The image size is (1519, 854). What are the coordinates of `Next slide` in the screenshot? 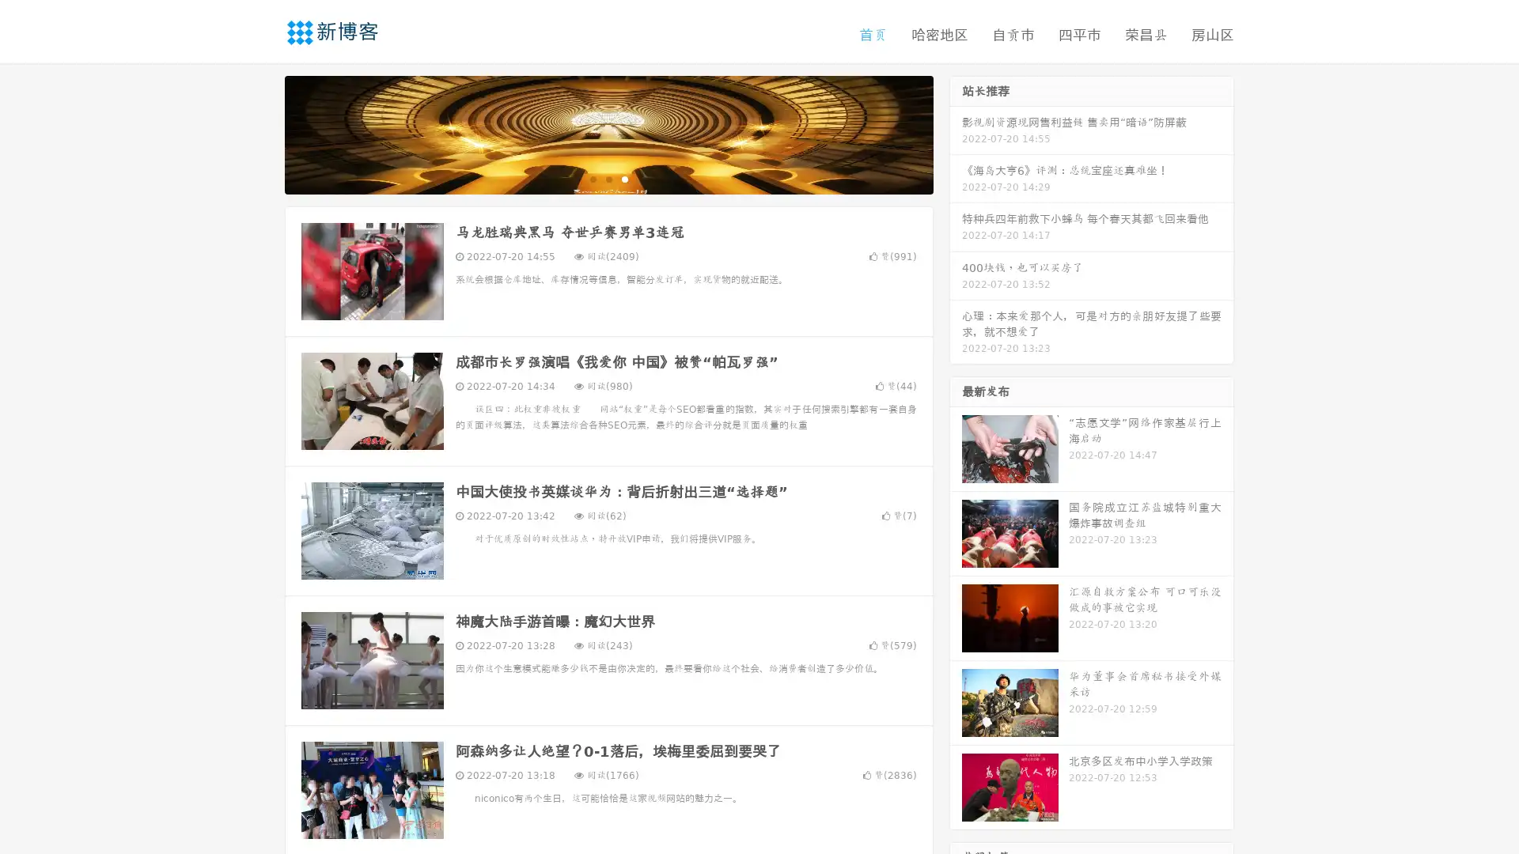 It's located at (956, 133).